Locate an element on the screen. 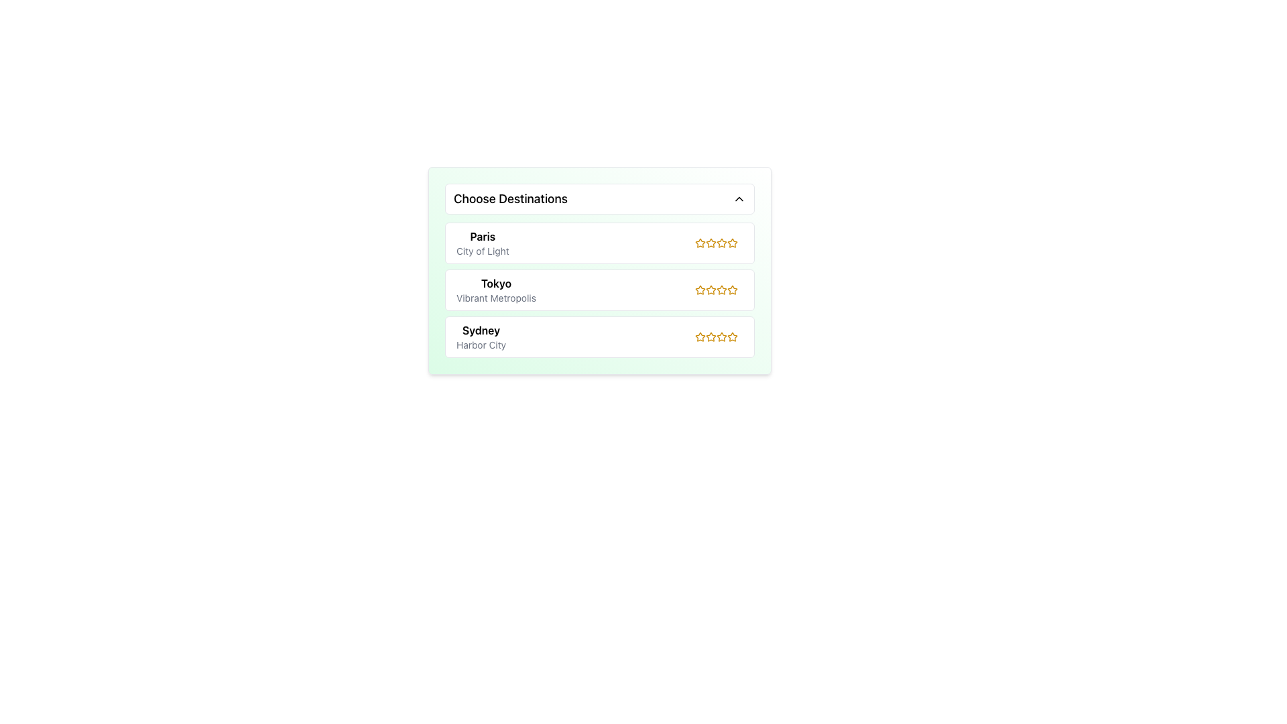 The height and width of the screenshot is (724, 1287). the text label that describes 'Tokyo' as a 'Vibrant Metropolis', which is located below the 'Tokyo' label in the selection interface is located at coordinates (495, 297).